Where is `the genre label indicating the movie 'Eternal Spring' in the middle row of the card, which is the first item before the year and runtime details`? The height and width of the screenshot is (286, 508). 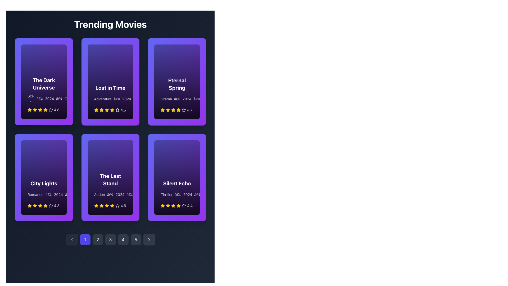 the genre label indicating the movie 'Eternal Spring' in the middle row of the card, which is the first item before the year and runtime details is located at coordinates (166, 99).